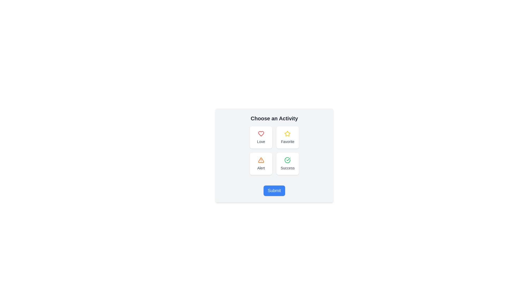 The width and height of the screenshot is (506, 285). Describe the element at coordinates (261, 133) in the screenshot. I see `the 'Love' or 'Favorite' icon located in the top-left corner of the 'Choose an Activity' grid, positioned above the 'Love' label` at that location.